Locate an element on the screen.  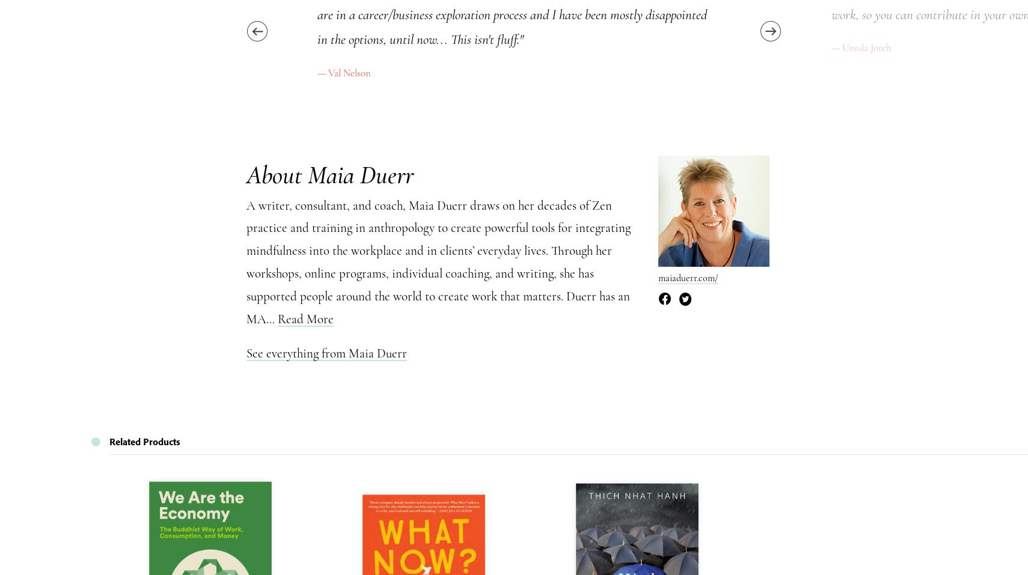
'What is Mindfulness' is located at coordinates (159, 79).